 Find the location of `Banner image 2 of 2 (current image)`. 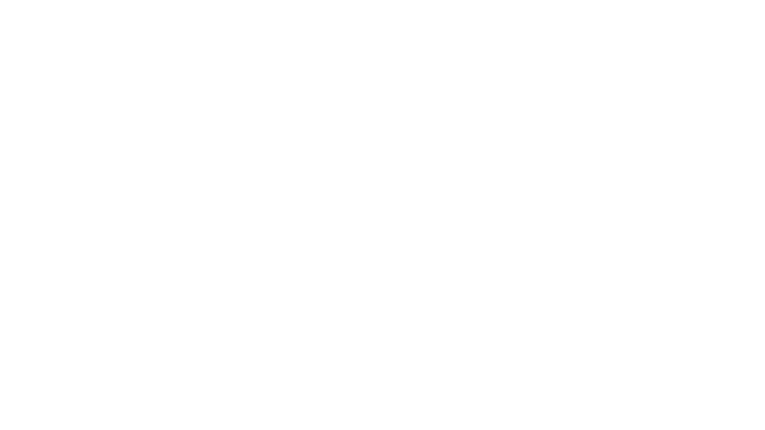

Banner image 2 of 2 (current image) is located at coordinates (176, 55).